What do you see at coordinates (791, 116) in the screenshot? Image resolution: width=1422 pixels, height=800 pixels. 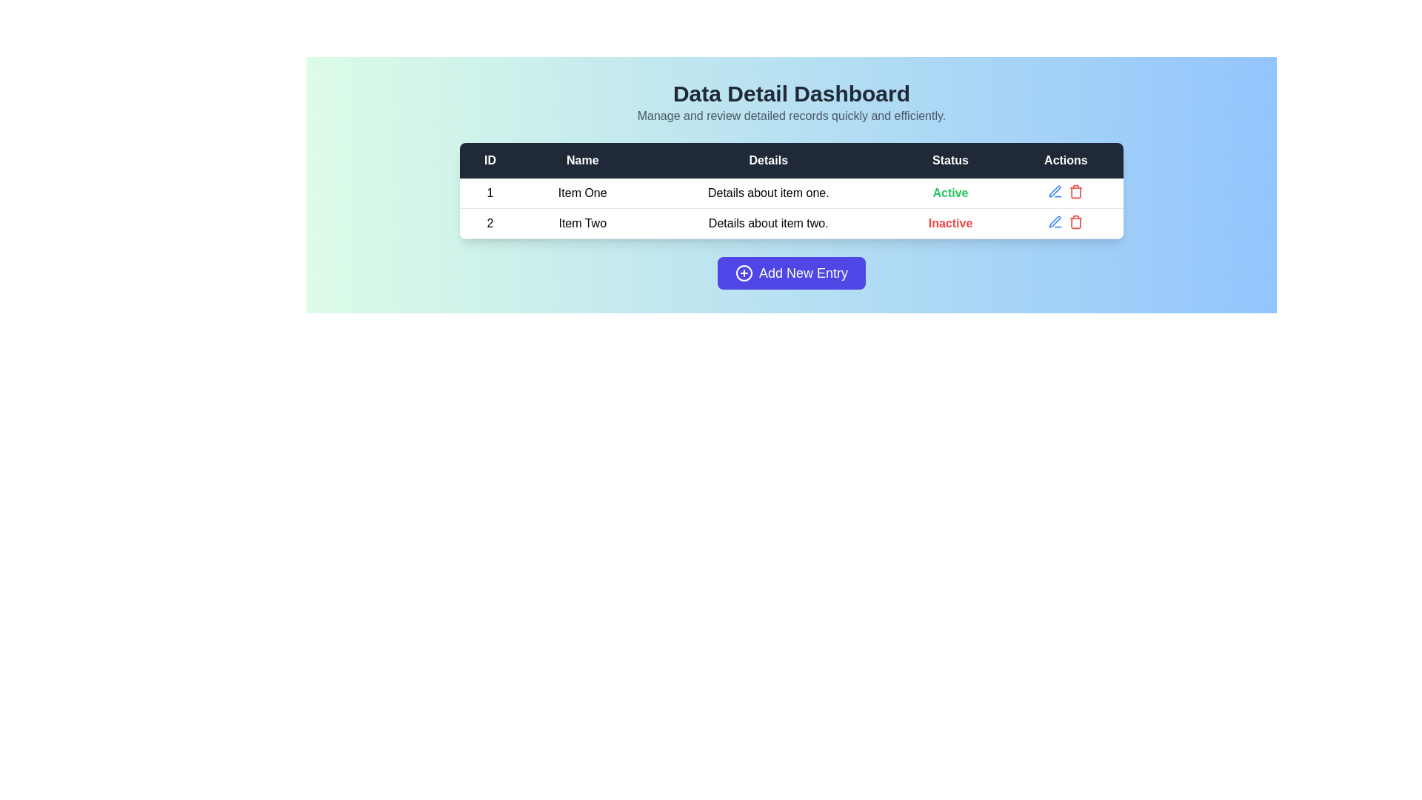 I see `the descriptive subheading text that summarizes the functionality of the dashboard interface, located directly below the title 'Data Detail Dashboard'` at bounding box center [791, 116].